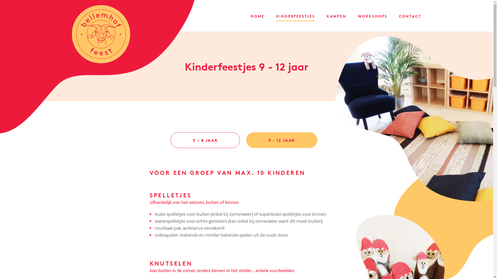 Image resolution: width=497 pixels, height=279 pixels. I want to click on '9 - 12 JAAR', so click(281, 140).